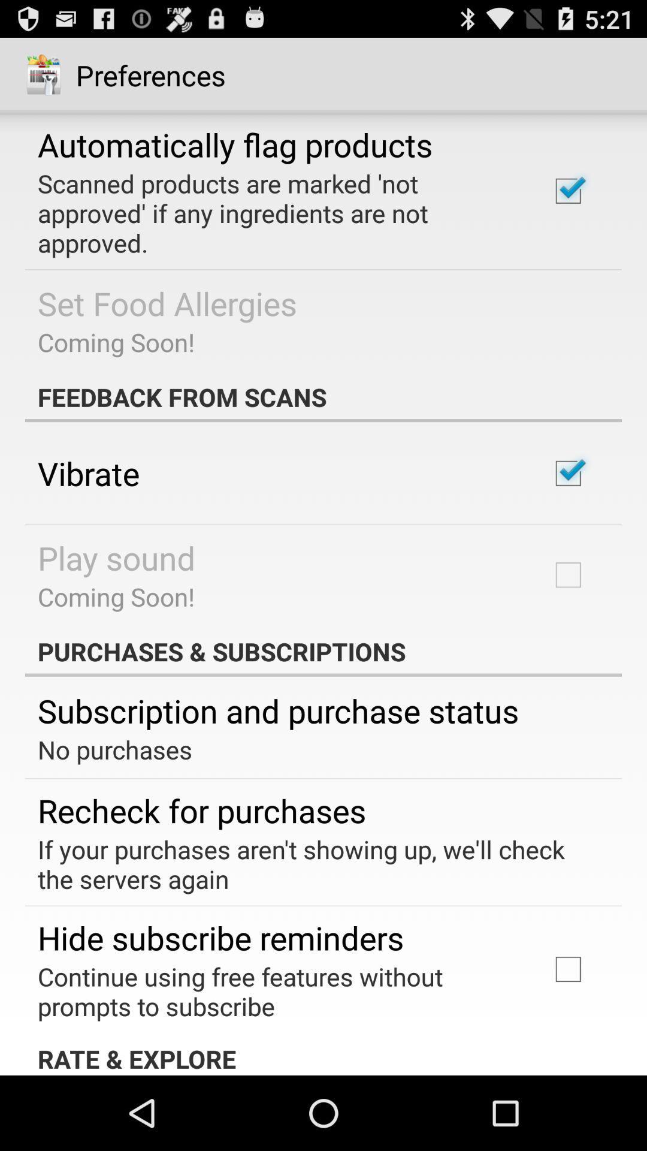 The height and width of the screenshot is (1151, 647). I want to click on the set food allergies, so click(167, 303).